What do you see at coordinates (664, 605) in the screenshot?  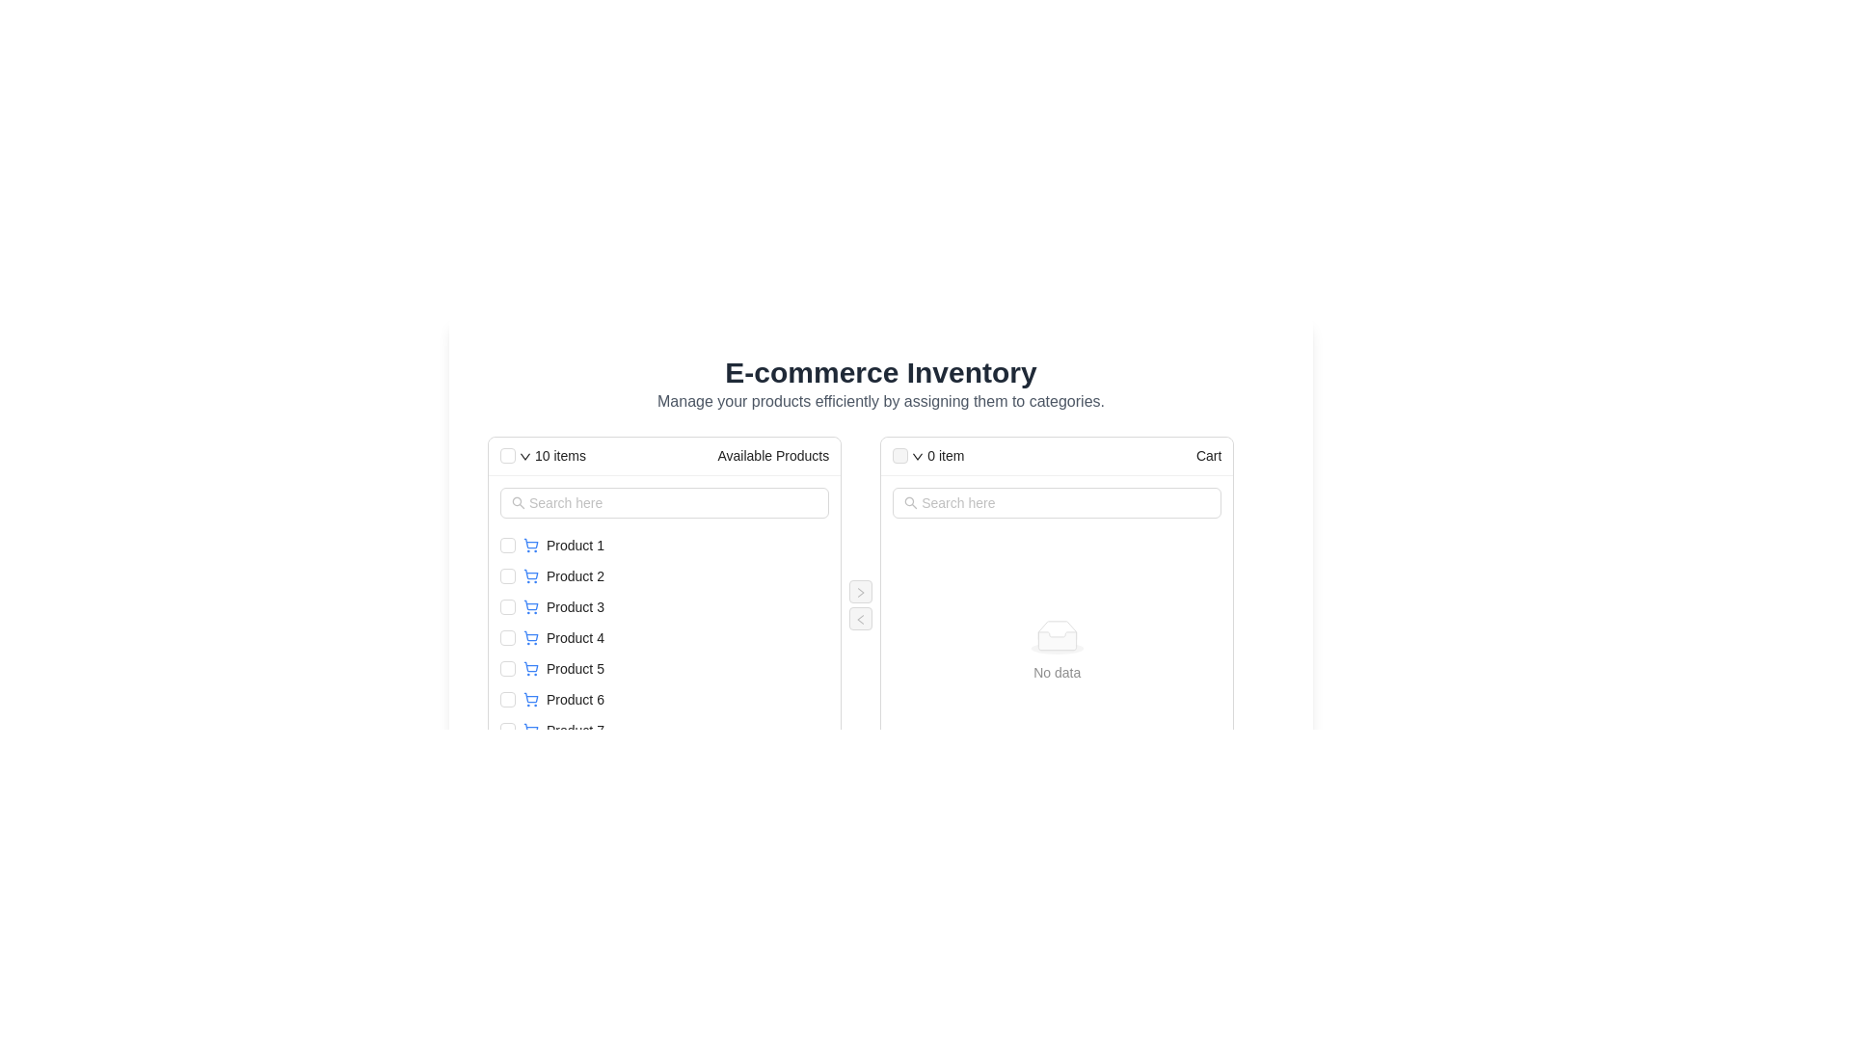 I see `to select the third product in the 'Available Products' section of the transfer list, which is located directly below 'Product 2' and above 'Product 4'` at bounding box center [664, 605].